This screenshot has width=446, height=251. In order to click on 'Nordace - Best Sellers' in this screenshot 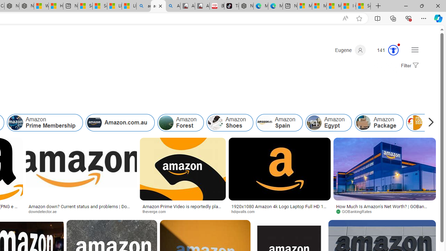, I will do `click(246, 6)`.